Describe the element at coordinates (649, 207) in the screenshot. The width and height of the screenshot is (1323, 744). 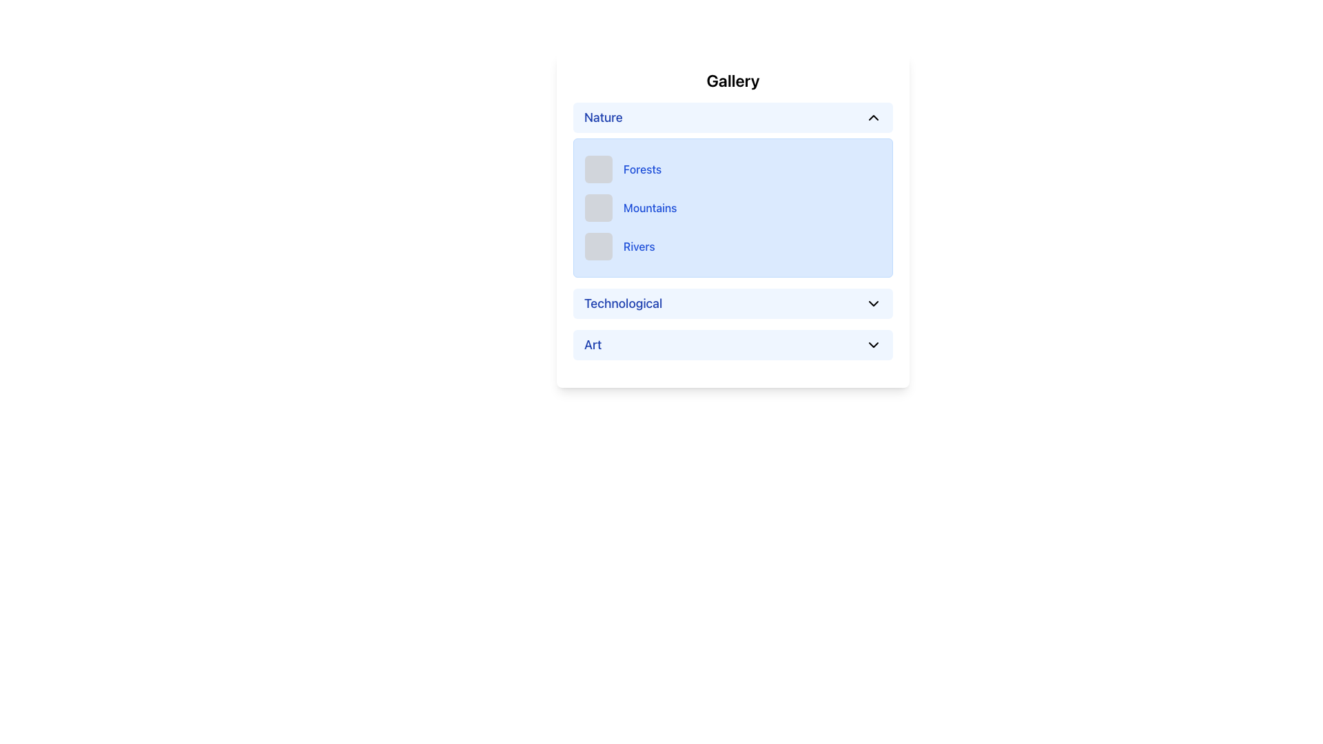
I see `the 'Mountains' text label located in the 'Nature' section of the 'Gallery' interface` at that location.